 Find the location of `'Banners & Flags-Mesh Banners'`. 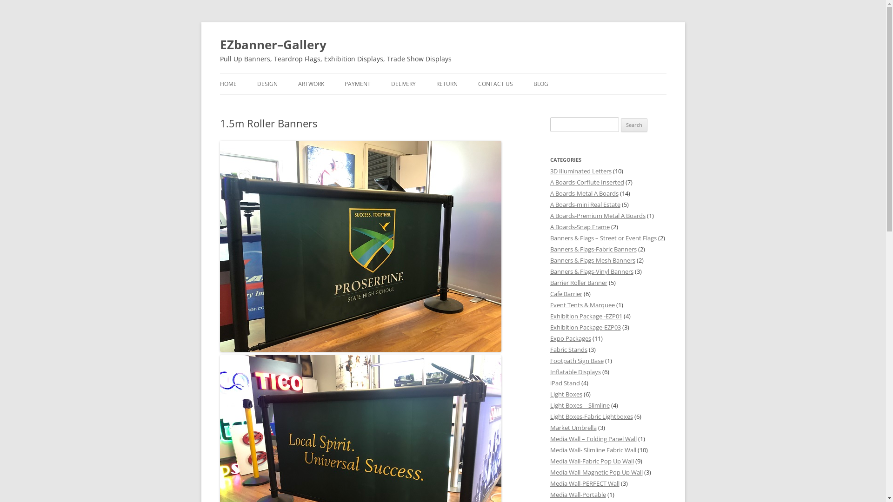

'Banners & Flags-Mesh Banners' is located at coordinates (592, 260).